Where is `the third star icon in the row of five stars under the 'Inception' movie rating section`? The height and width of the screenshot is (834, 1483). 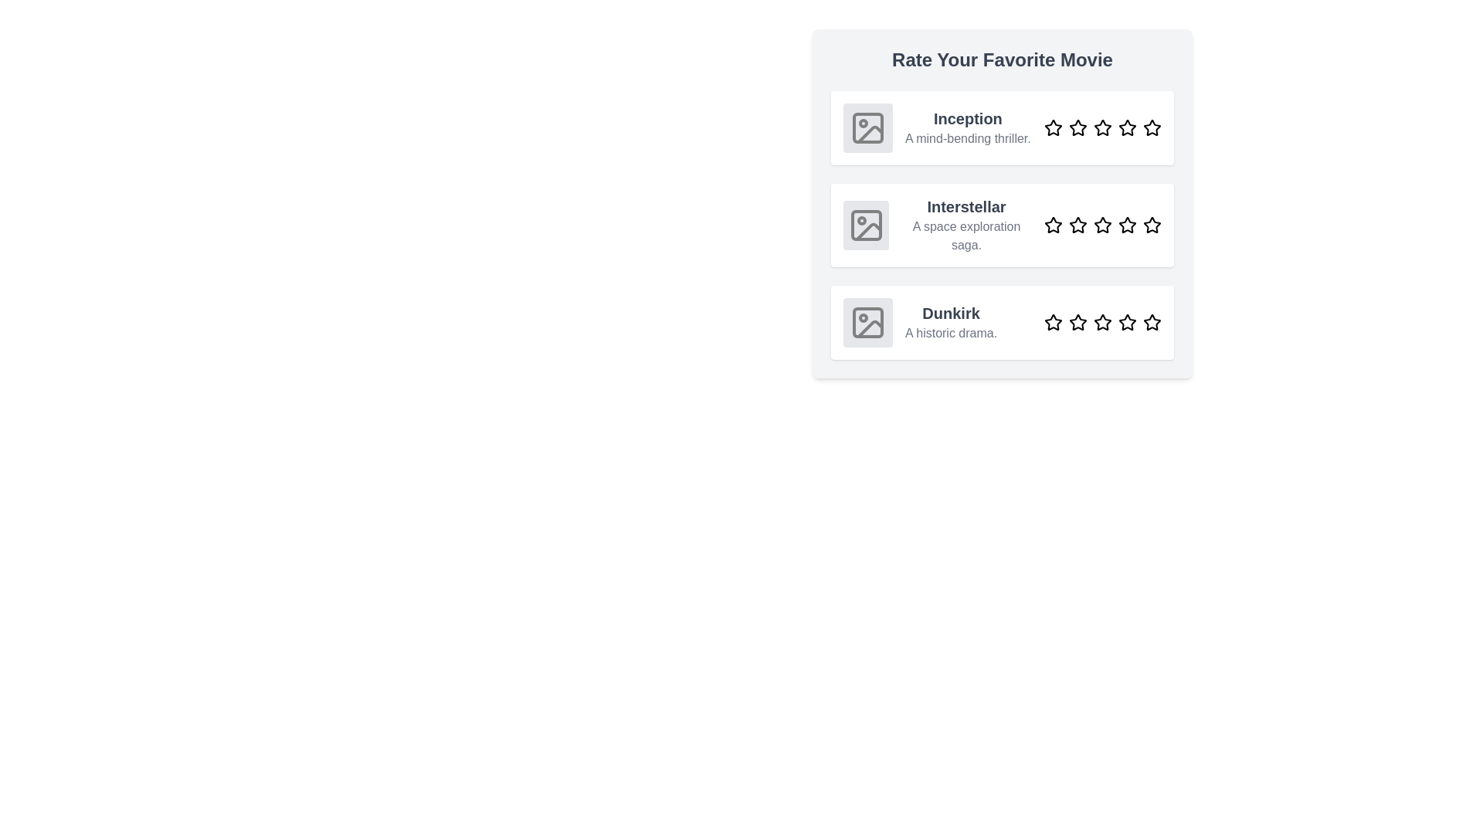 the third star icon in the row of five stars under the 'Inception' movie rating section is located at coordinates (1102, 127).